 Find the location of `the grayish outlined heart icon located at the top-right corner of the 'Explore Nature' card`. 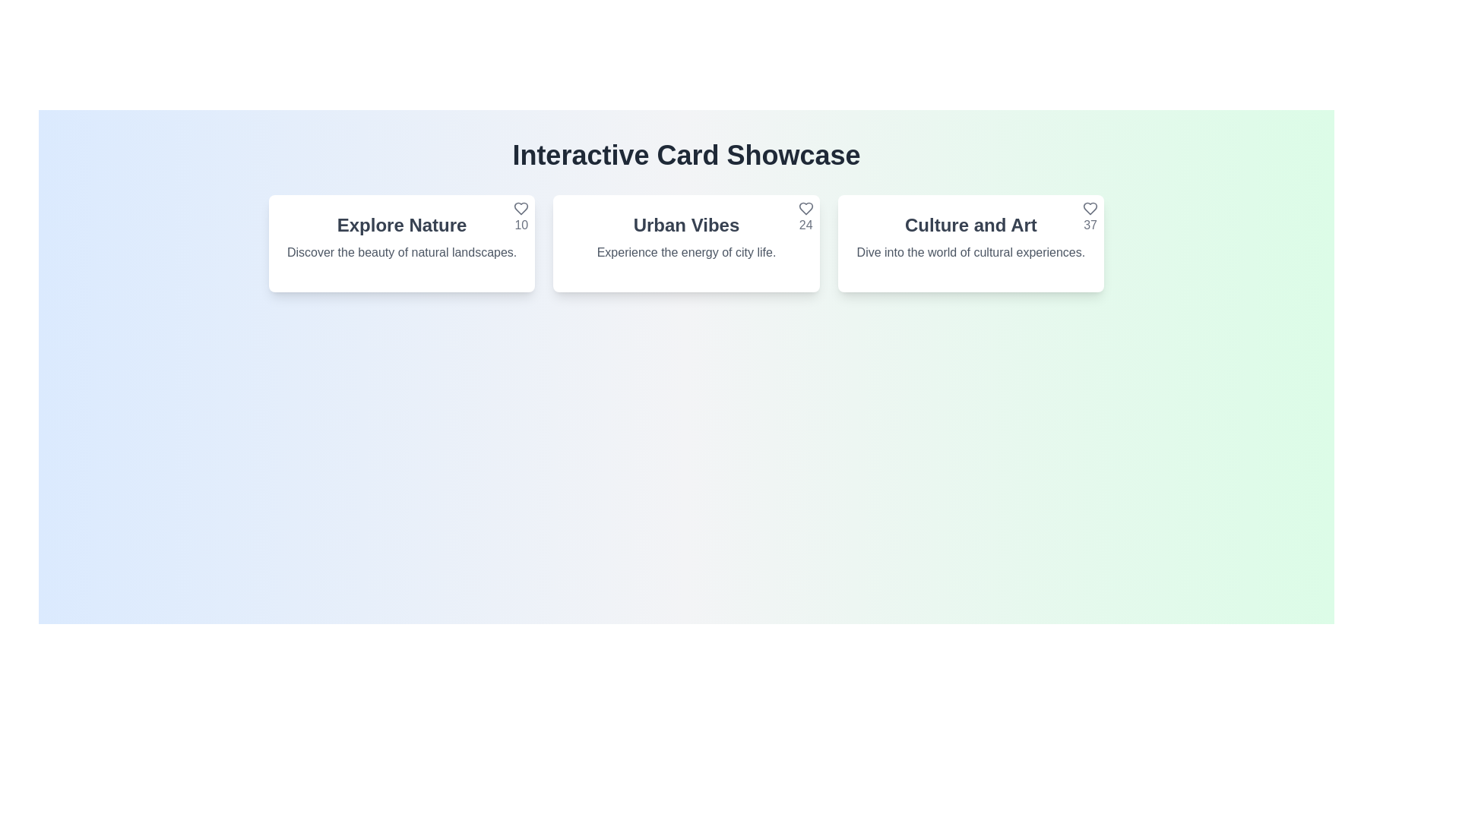

the grayish outlined heart icon located at the top-right corner of the 'Explore Nature' card is located at coordinates (521, 208).